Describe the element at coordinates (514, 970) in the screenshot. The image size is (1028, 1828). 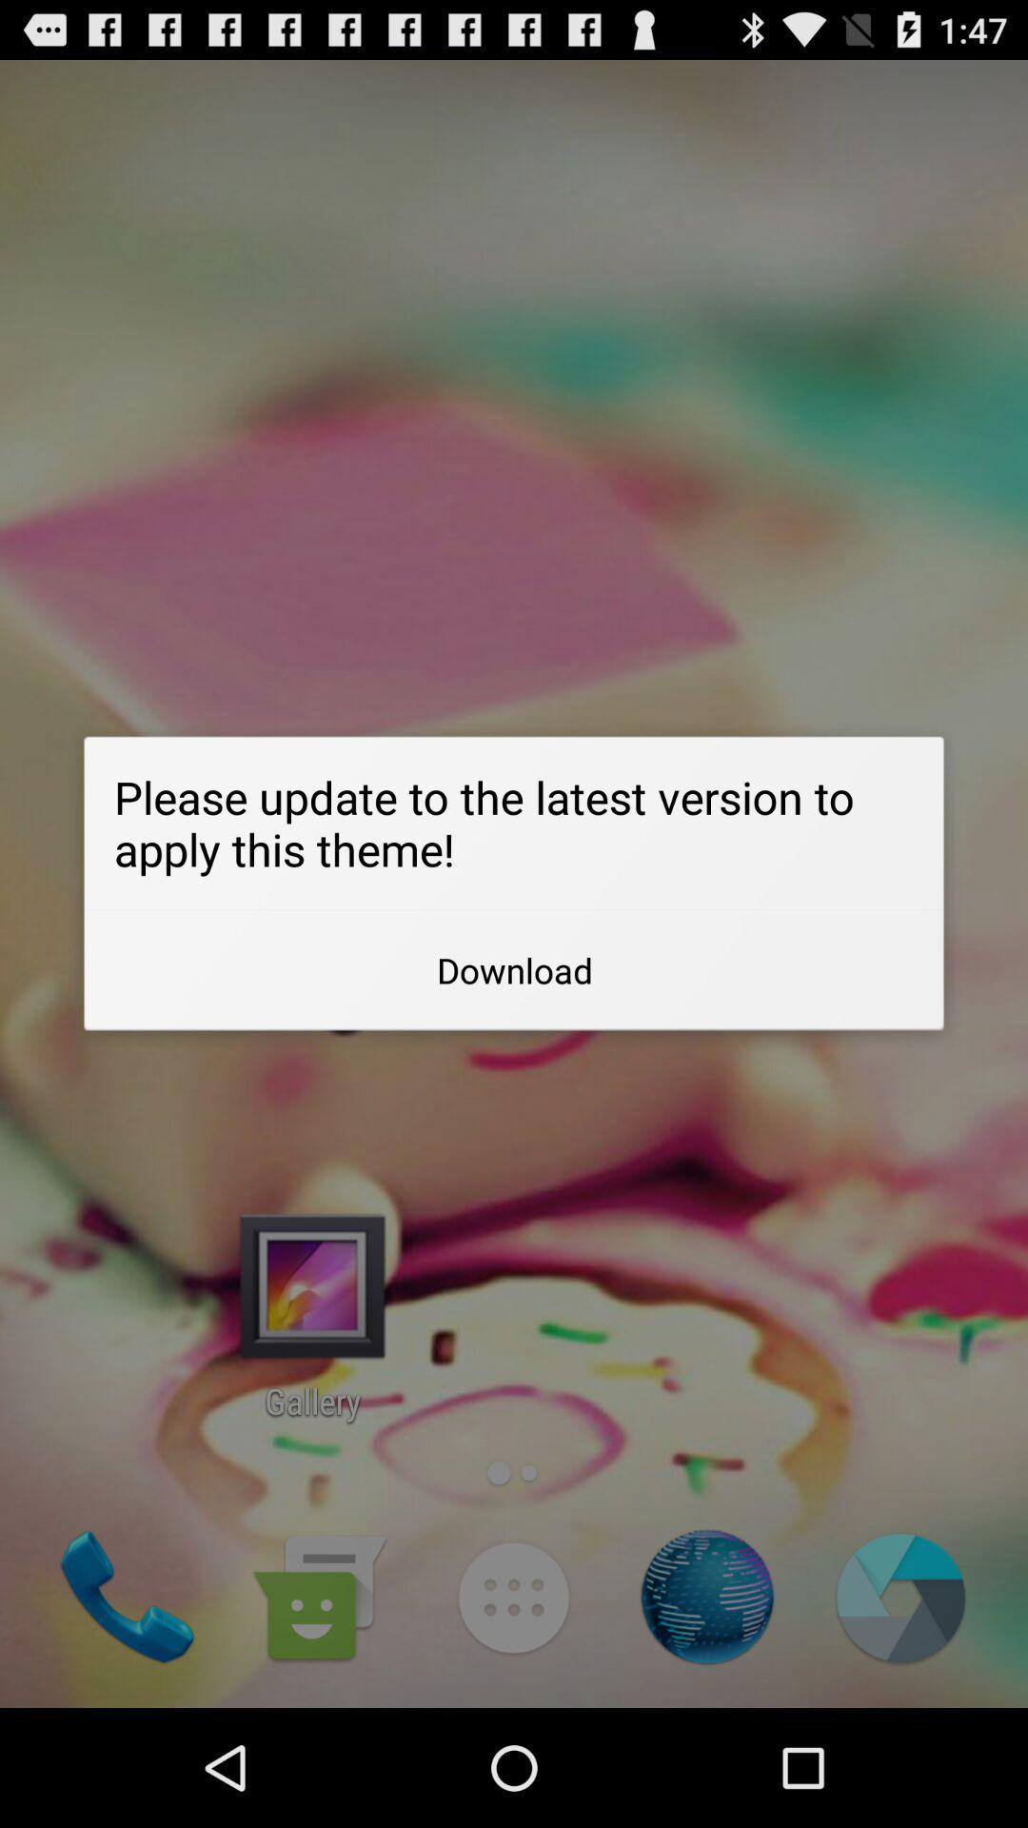
I see `app below please update to app` at that location.